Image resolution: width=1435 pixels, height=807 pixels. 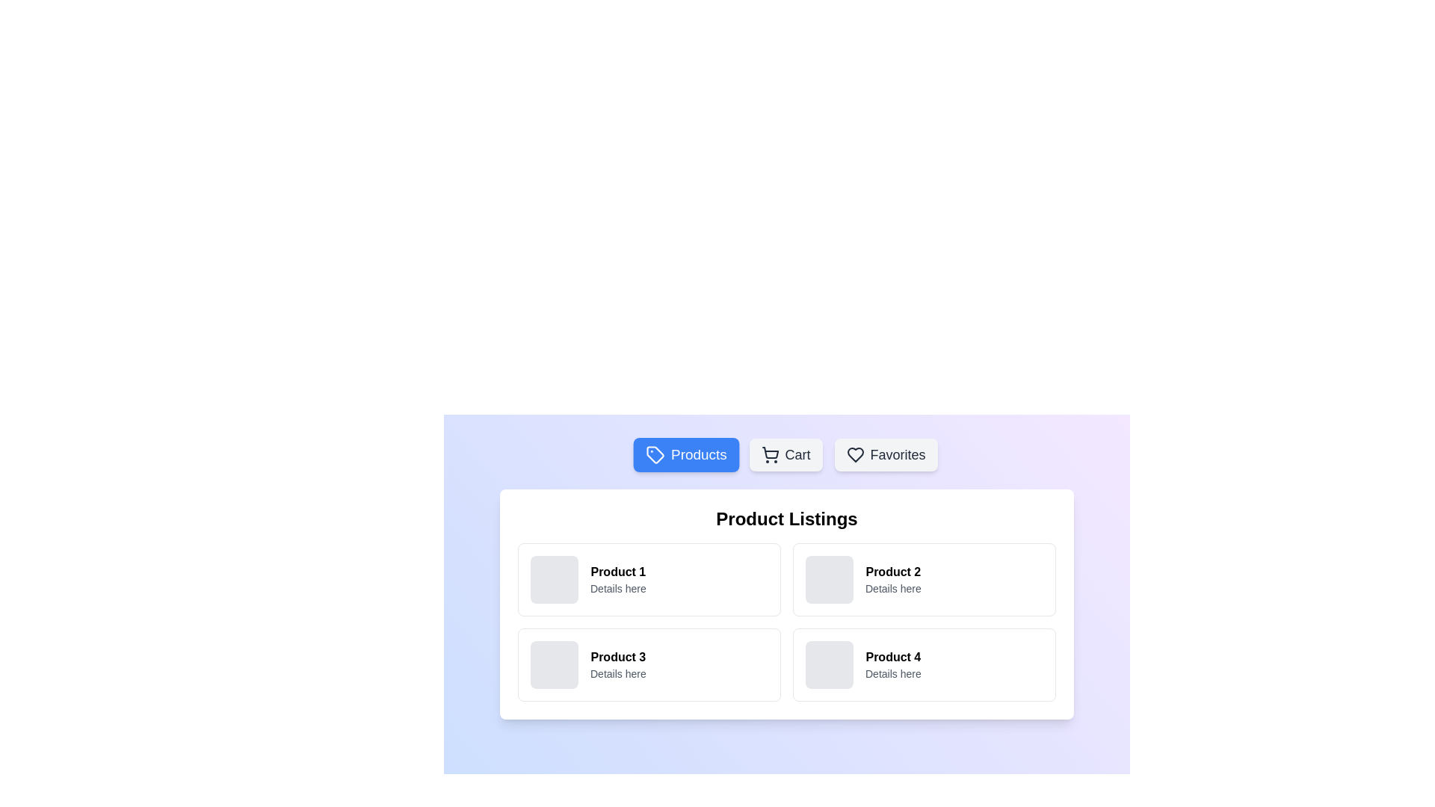 I want to click on the heart-shaped icon with a transparent interior and black outline, located in the 'Favorites' button group, so click(x=855, y=454).